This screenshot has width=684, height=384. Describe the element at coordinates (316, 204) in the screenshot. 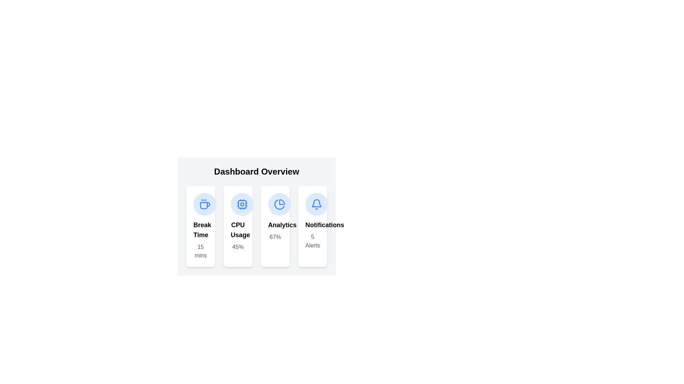

I see `the circular notification icon with a bell shape, which has a blue outline and is located at the top section of the card labeled 'Notifications 5 Alerts'` at that location.